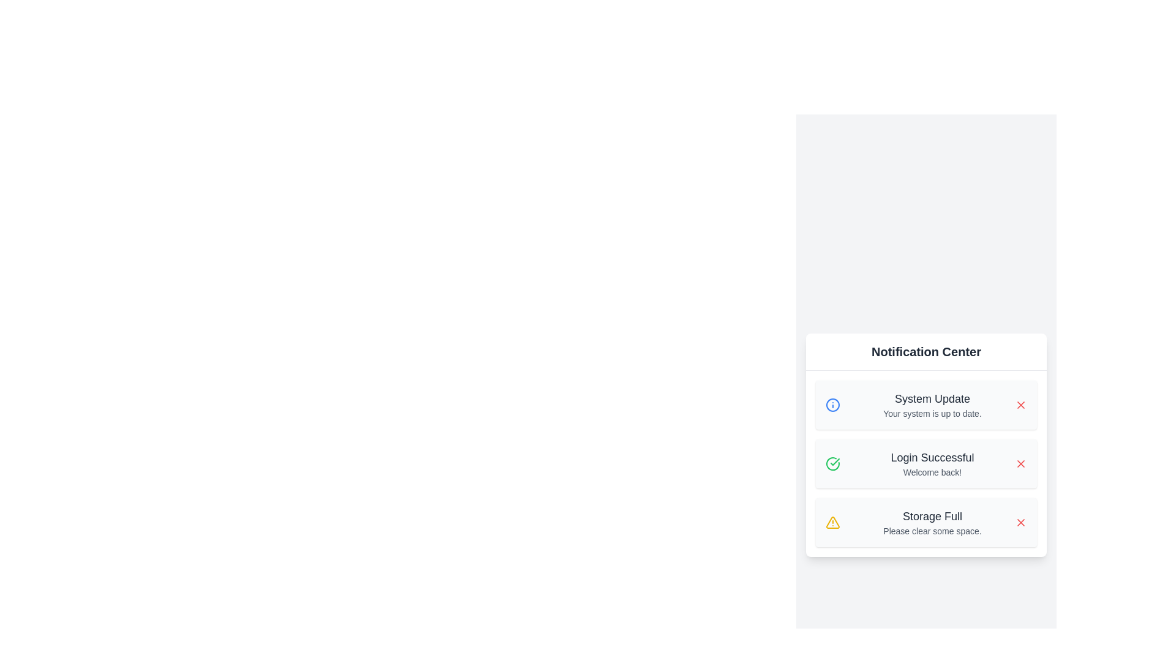 The height and width of the screenshot is (661, 1176). What do you see at coordinates (1020, 521) in the screenshot?
I see `the dismiss button located at the bottom right of the 'Storage Full' notification card` at bounding box center [1020, 521].